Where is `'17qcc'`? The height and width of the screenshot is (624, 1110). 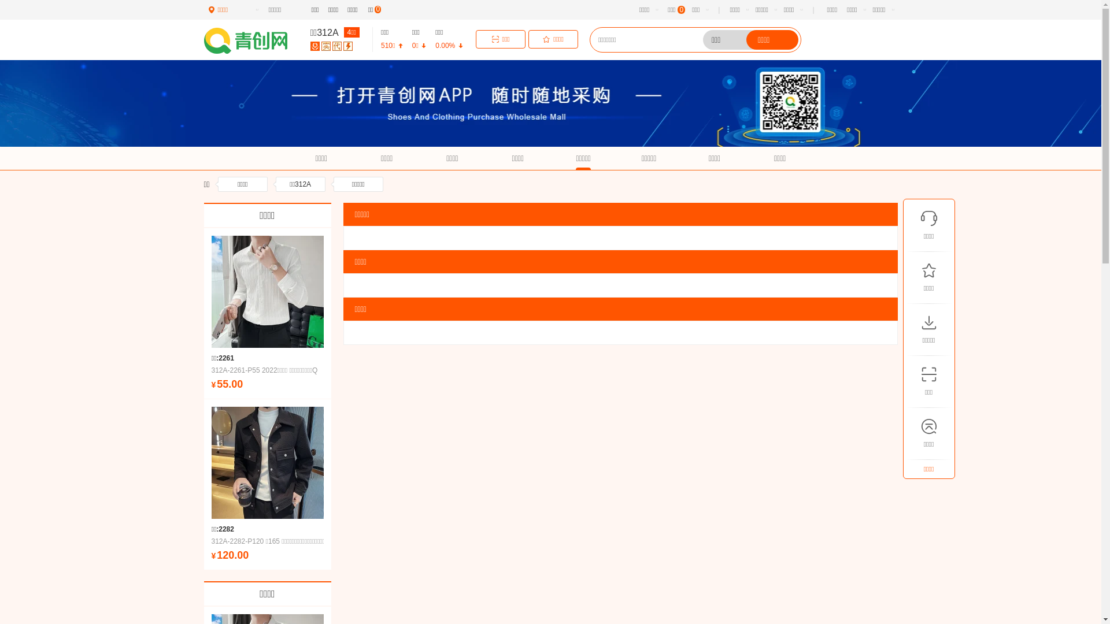
'17qcc' is located at coordinates (252, 40).